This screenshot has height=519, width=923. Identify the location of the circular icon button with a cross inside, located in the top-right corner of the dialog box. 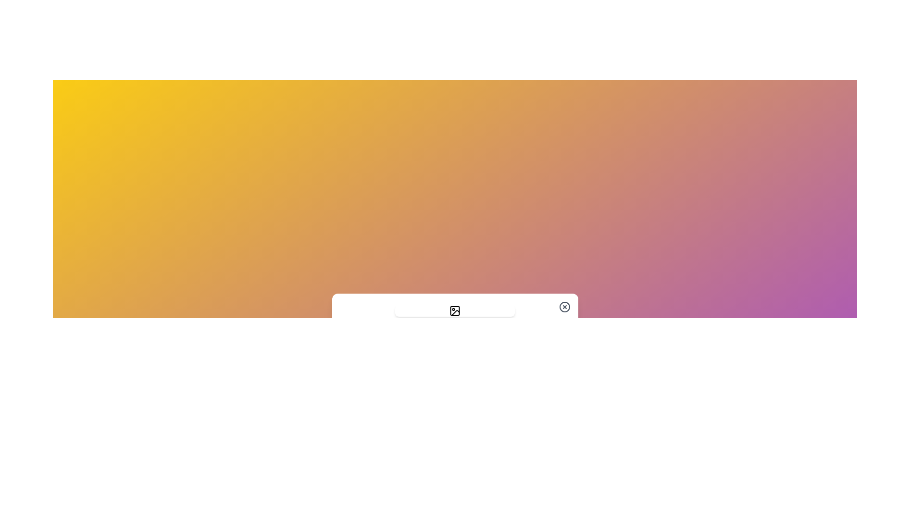
(564, 307).